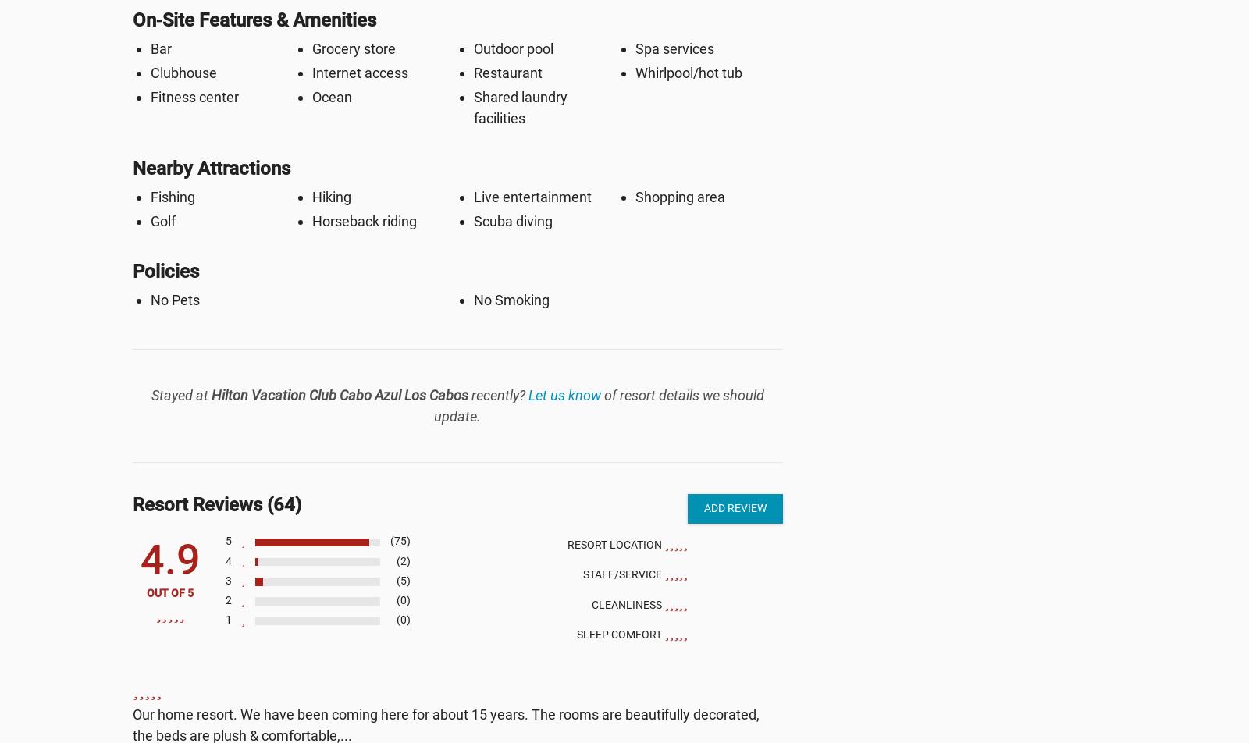  What do you see at coordinates (149, 220) in the screenshot?
I see `'Golf'` at bounding box center [149, 220].